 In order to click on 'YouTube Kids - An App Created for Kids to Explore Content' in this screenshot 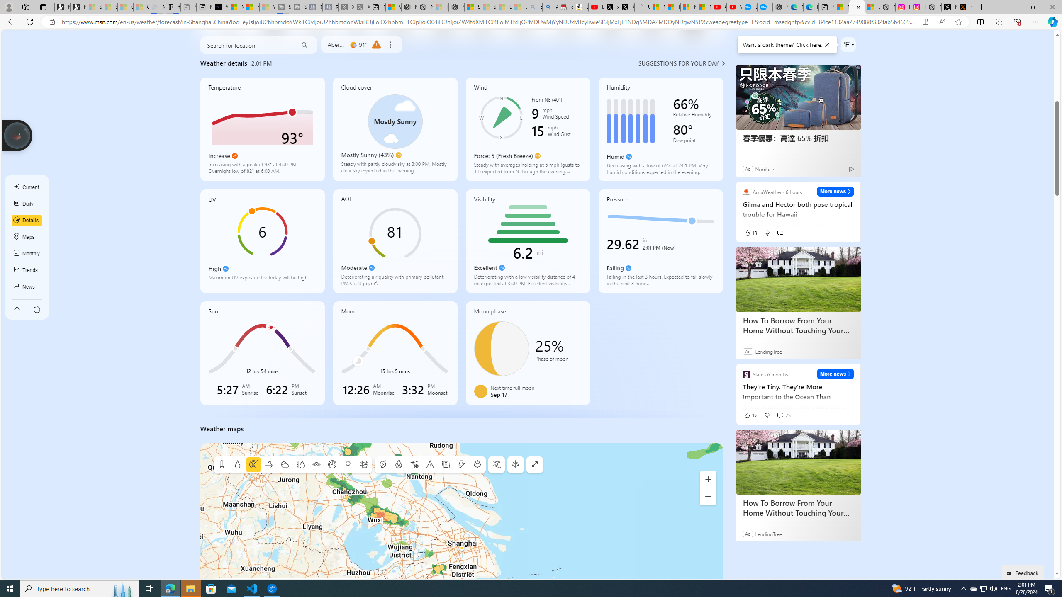, I will do `click(734, 7)`.